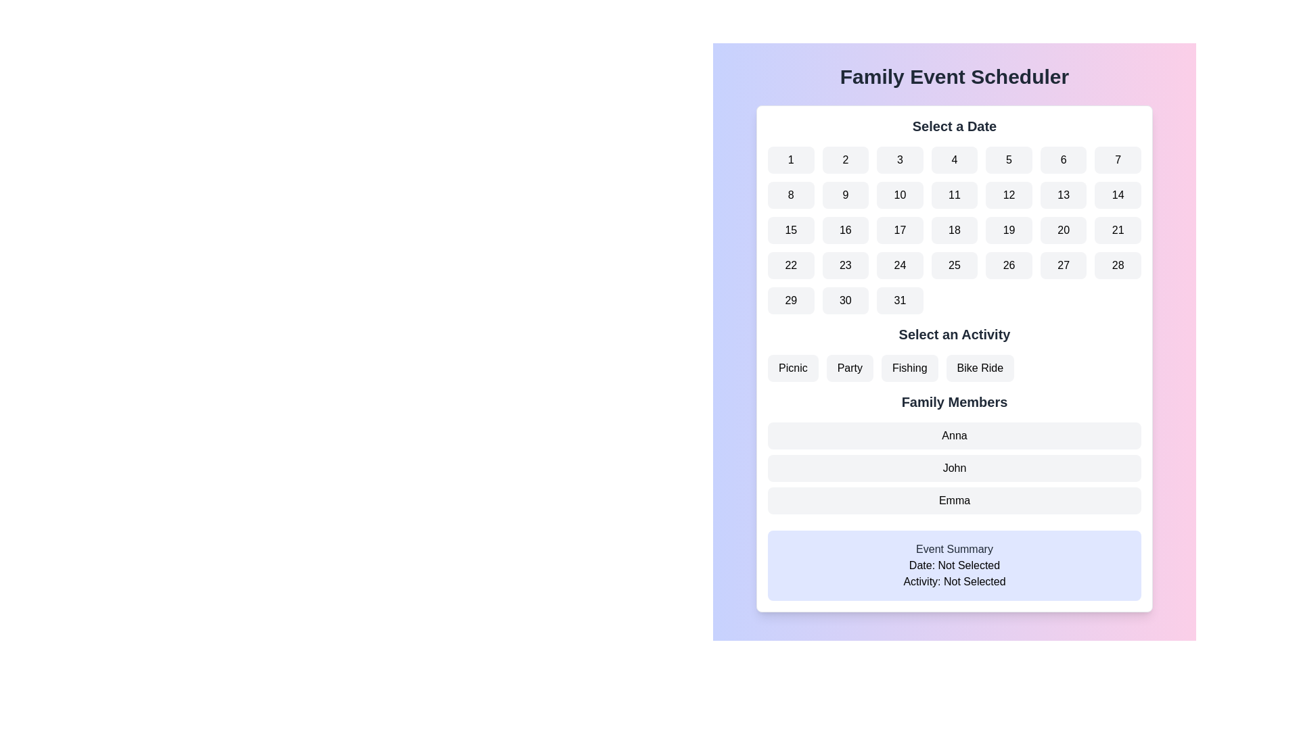 The image size is (1299, 730). What do you see at coordinates (791, 299) in the screenshot?
I see `the selectable date button located in the sixth row and first column of the calendar grid in the 'Select a Date' section` at bounding box center [791, 299].